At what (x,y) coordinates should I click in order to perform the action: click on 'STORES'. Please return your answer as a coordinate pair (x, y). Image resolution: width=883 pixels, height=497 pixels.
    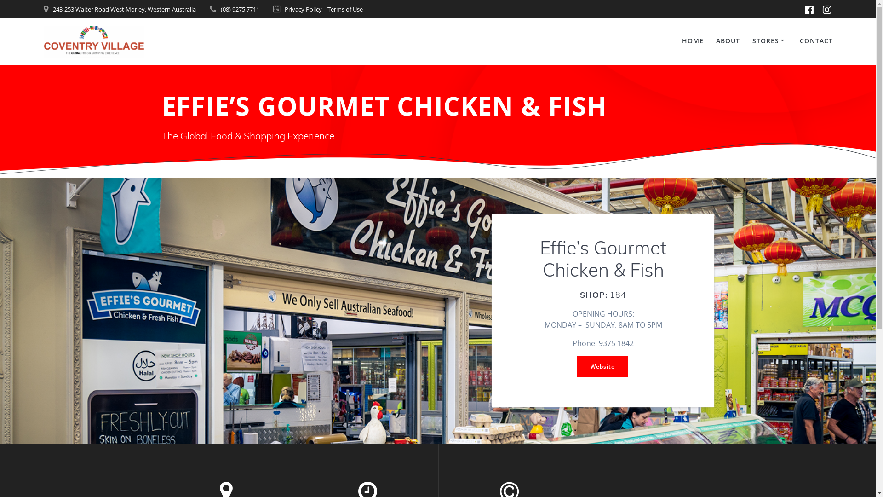
    Looking at the image, I should click on (770, 41).